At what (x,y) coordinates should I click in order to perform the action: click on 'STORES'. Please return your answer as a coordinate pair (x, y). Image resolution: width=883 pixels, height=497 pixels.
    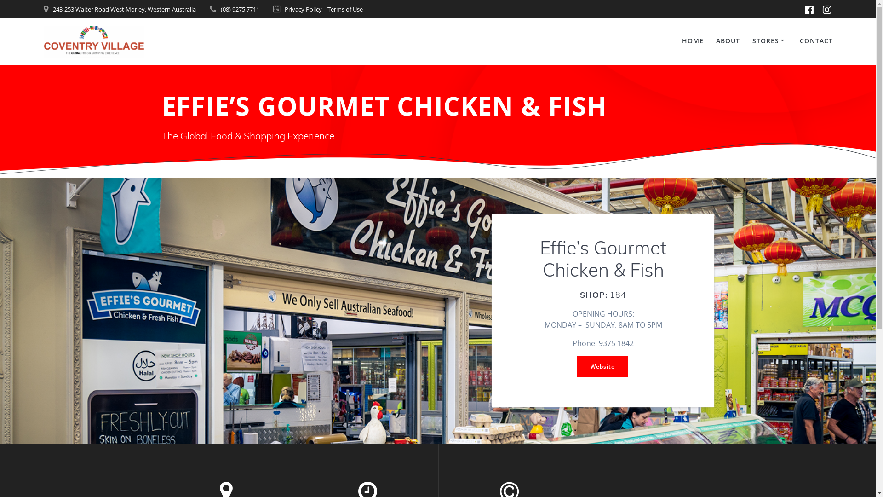
    Looking at the image, I should click on (770, 41).